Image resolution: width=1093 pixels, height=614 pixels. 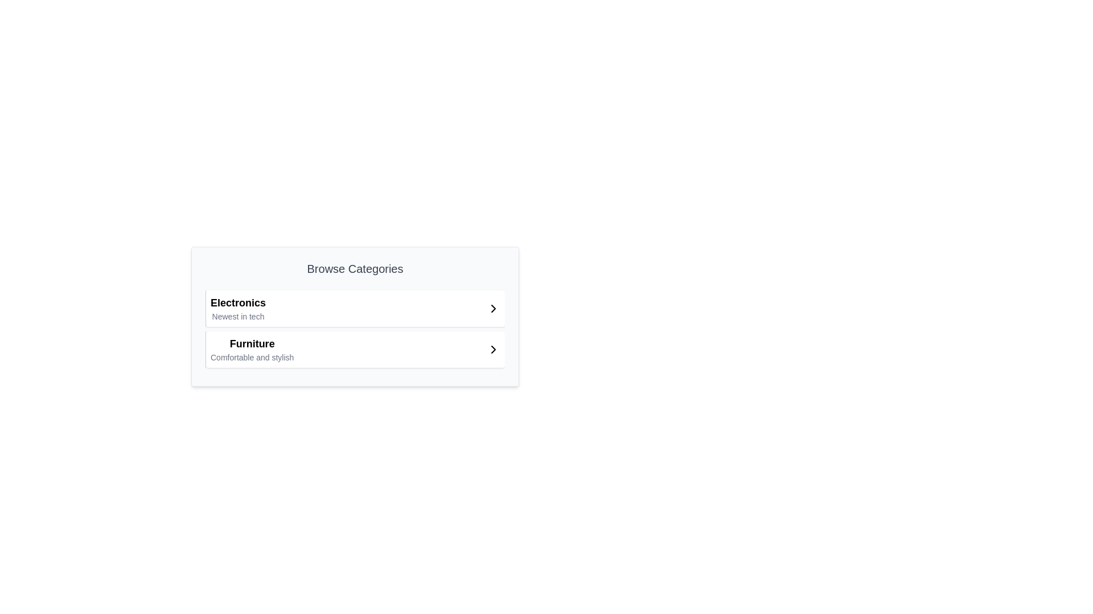 What do you see at coordinates (252, 343) in the screenshot?
I see `the Text header that identifies the 'Furniture' category, positioned as the left-aligned heading above the subtitle 'Comfortable and stylish'` at bounding box center [252, 343].